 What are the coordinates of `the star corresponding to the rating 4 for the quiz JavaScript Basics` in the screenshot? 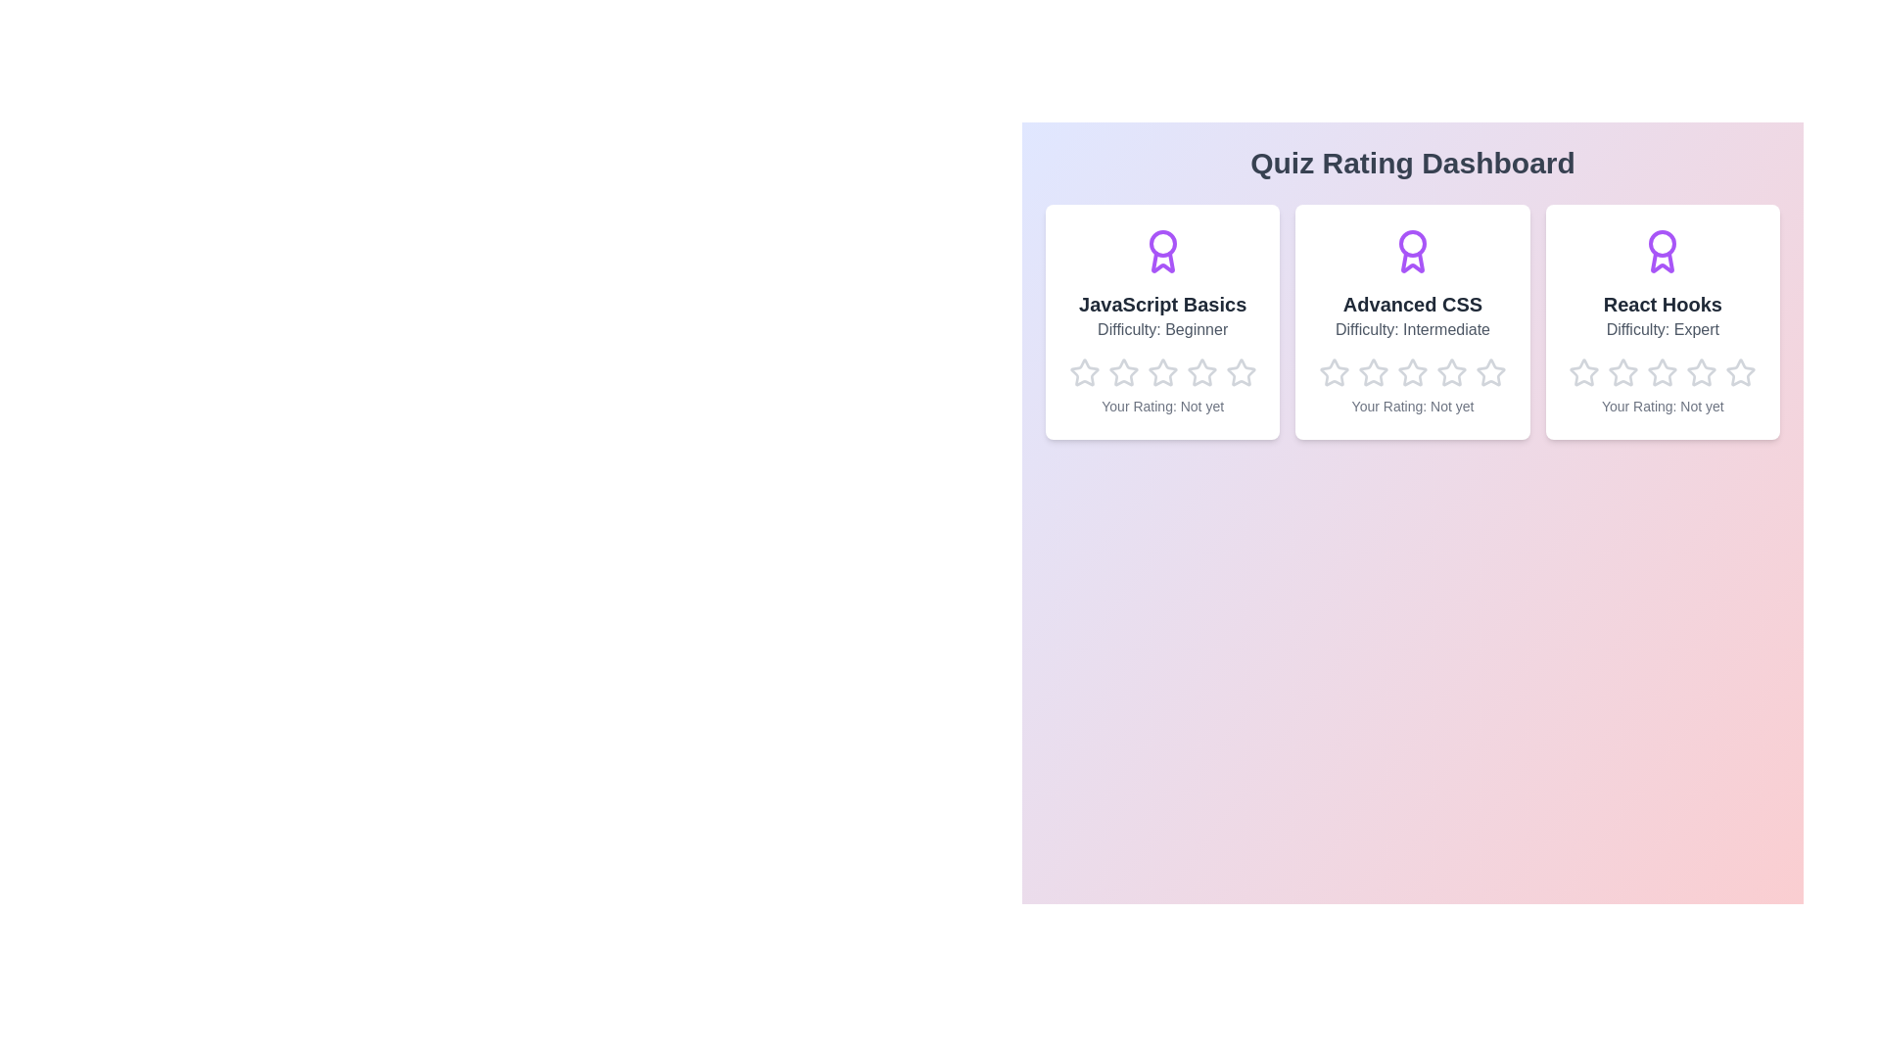 It's located at (1185, 358).